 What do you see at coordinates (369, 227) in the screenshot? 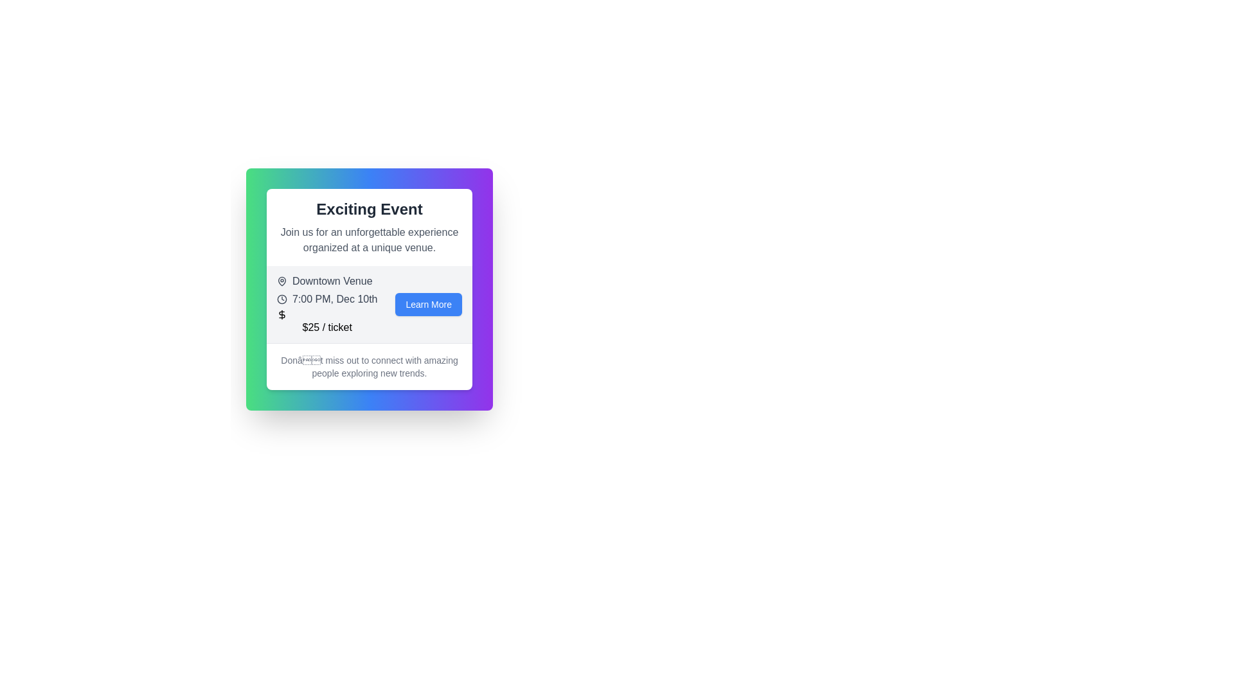
I see `the 'Exciting Event' title text block, which is prominently displayed in bold, large font at the top of the central card` at bounding box center [369, 227].